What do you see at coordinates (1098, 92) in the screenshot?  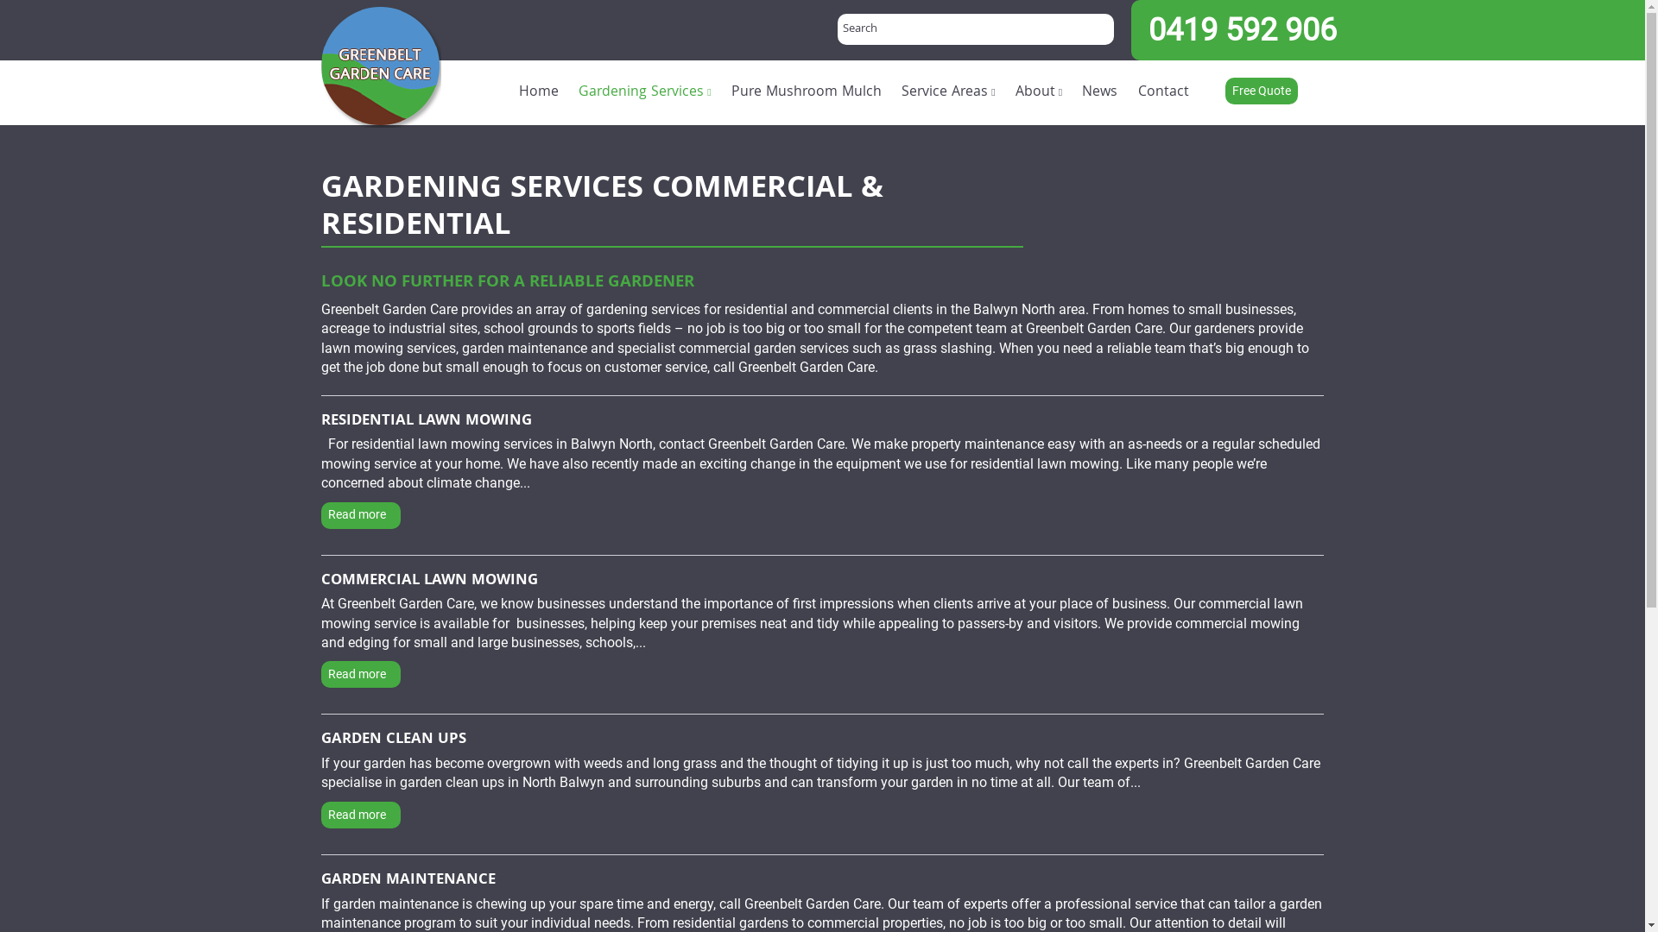 I see `'News'` at bounding box center [1098, 92].